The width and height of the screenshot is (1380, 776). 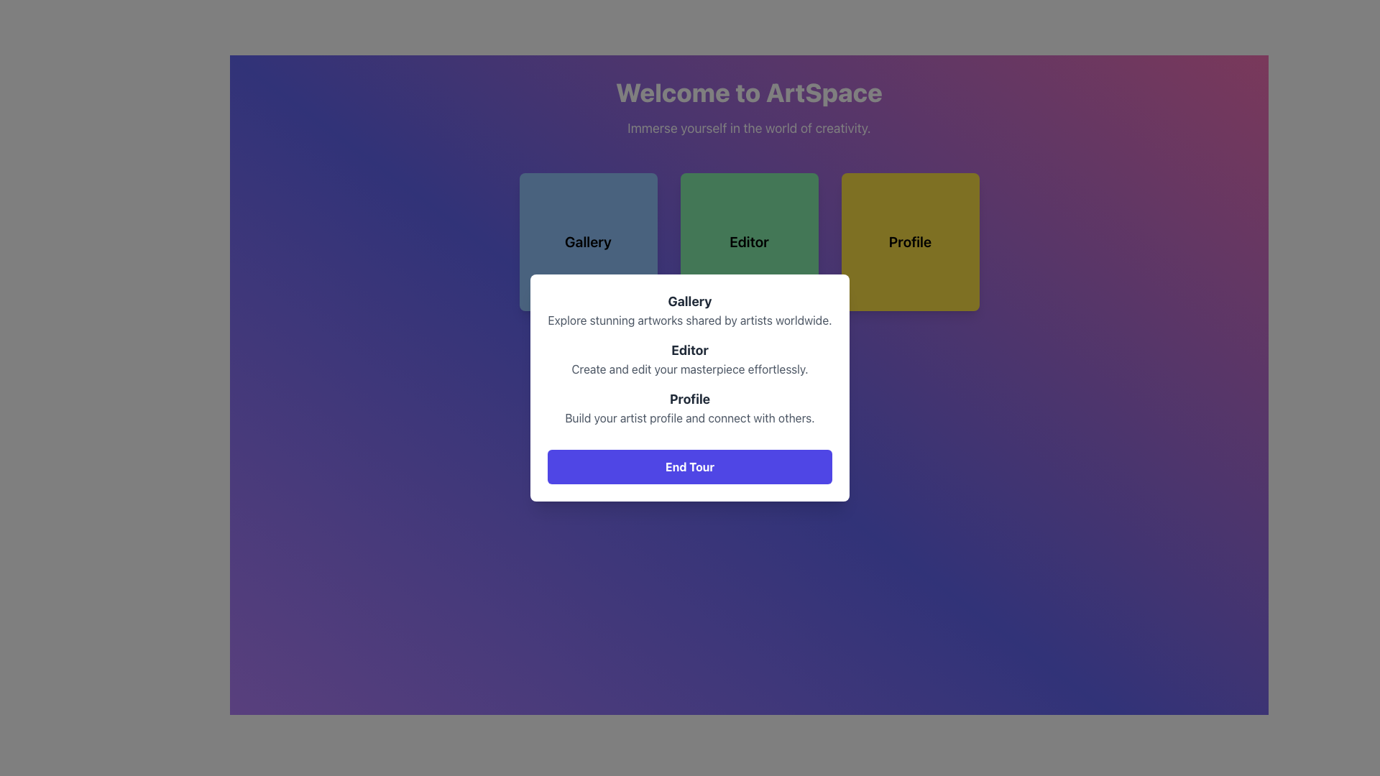 I want to click on the 'Editor' button, so click(x=748, y=241).